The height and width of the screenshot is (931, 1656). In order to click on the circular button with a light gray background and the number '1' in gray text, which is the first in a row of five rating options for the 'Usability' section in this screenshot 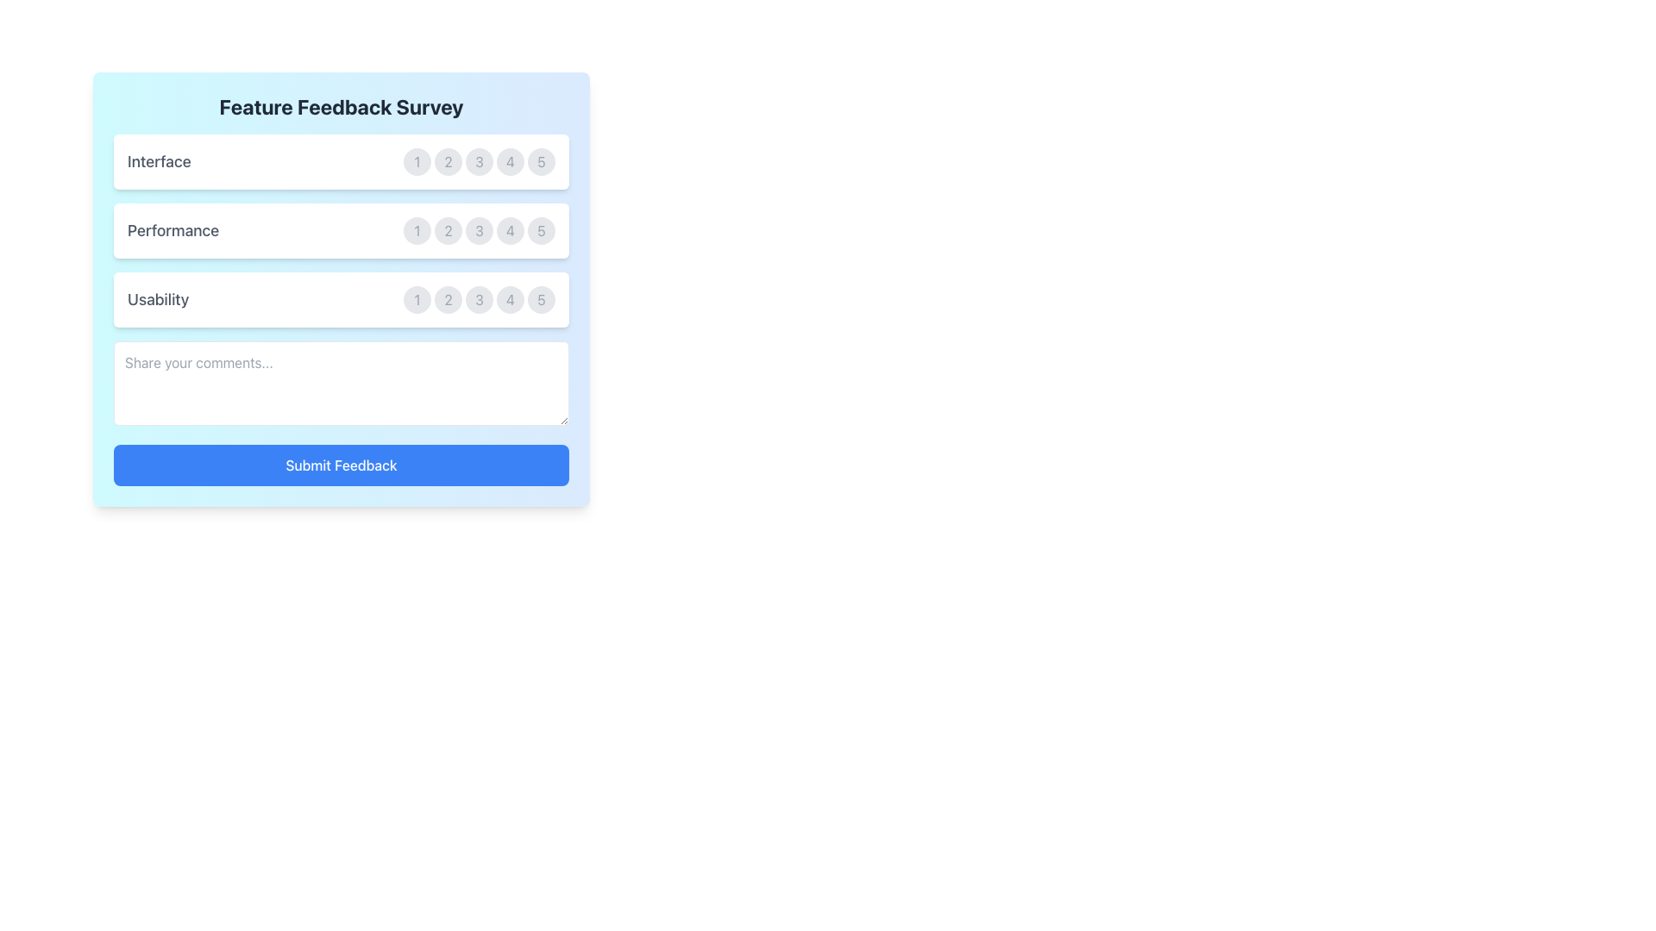, I will do `click(417, 298)`.